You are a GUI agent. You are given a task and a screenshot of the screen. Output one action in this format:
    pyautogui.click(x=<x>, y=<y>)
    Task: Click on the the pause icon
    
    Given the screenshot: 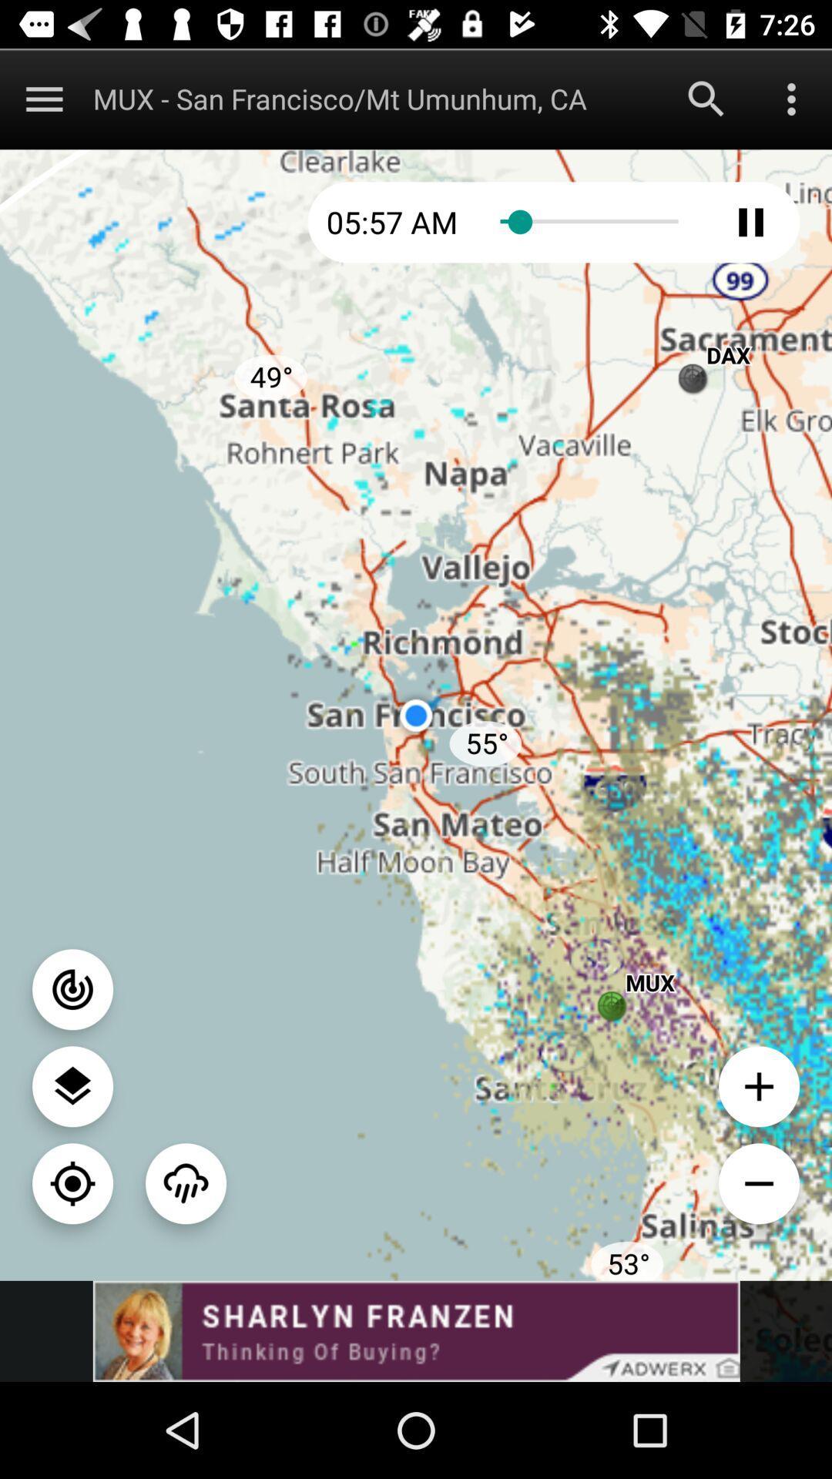 What is the action you would take?
    pyautogui.click(x=750, y=221)
    